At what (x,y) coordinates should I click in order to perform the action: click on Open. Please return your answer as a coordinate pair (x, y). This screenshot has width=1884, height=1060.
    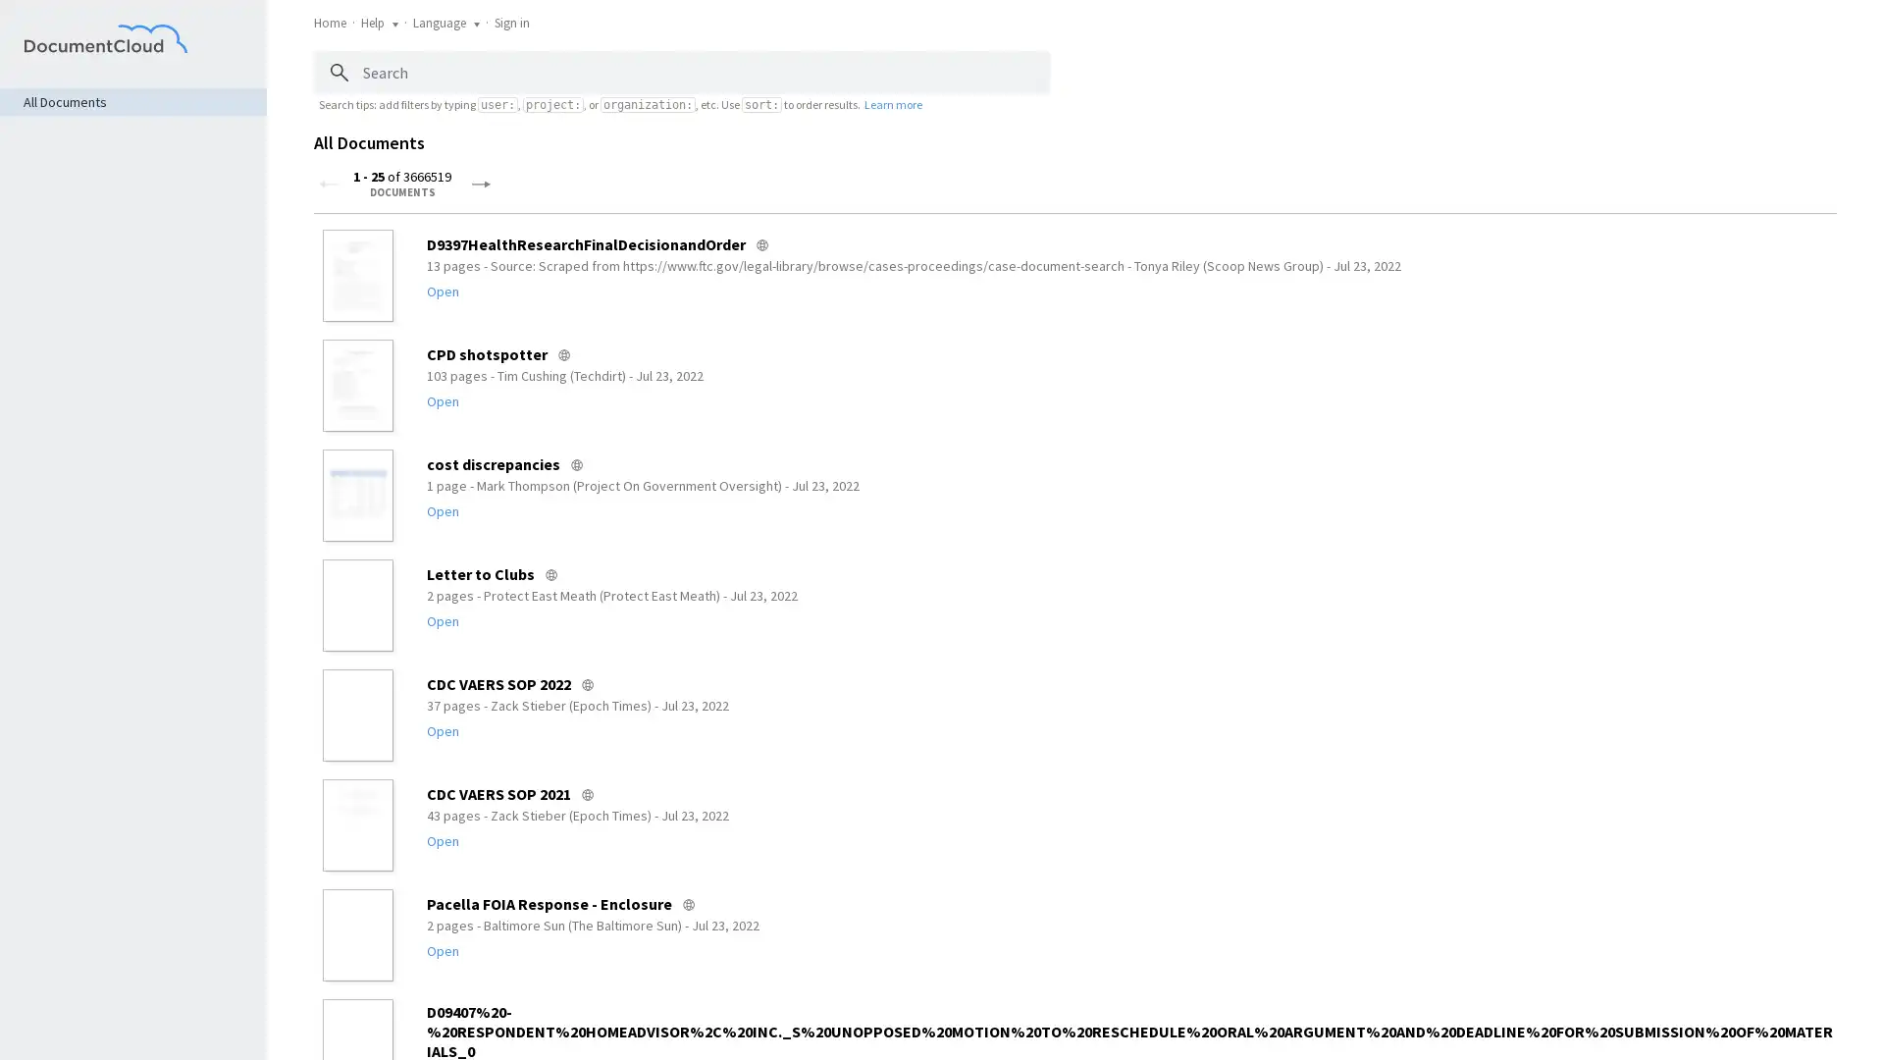
    Looking at the image, I should click on (442, 839).